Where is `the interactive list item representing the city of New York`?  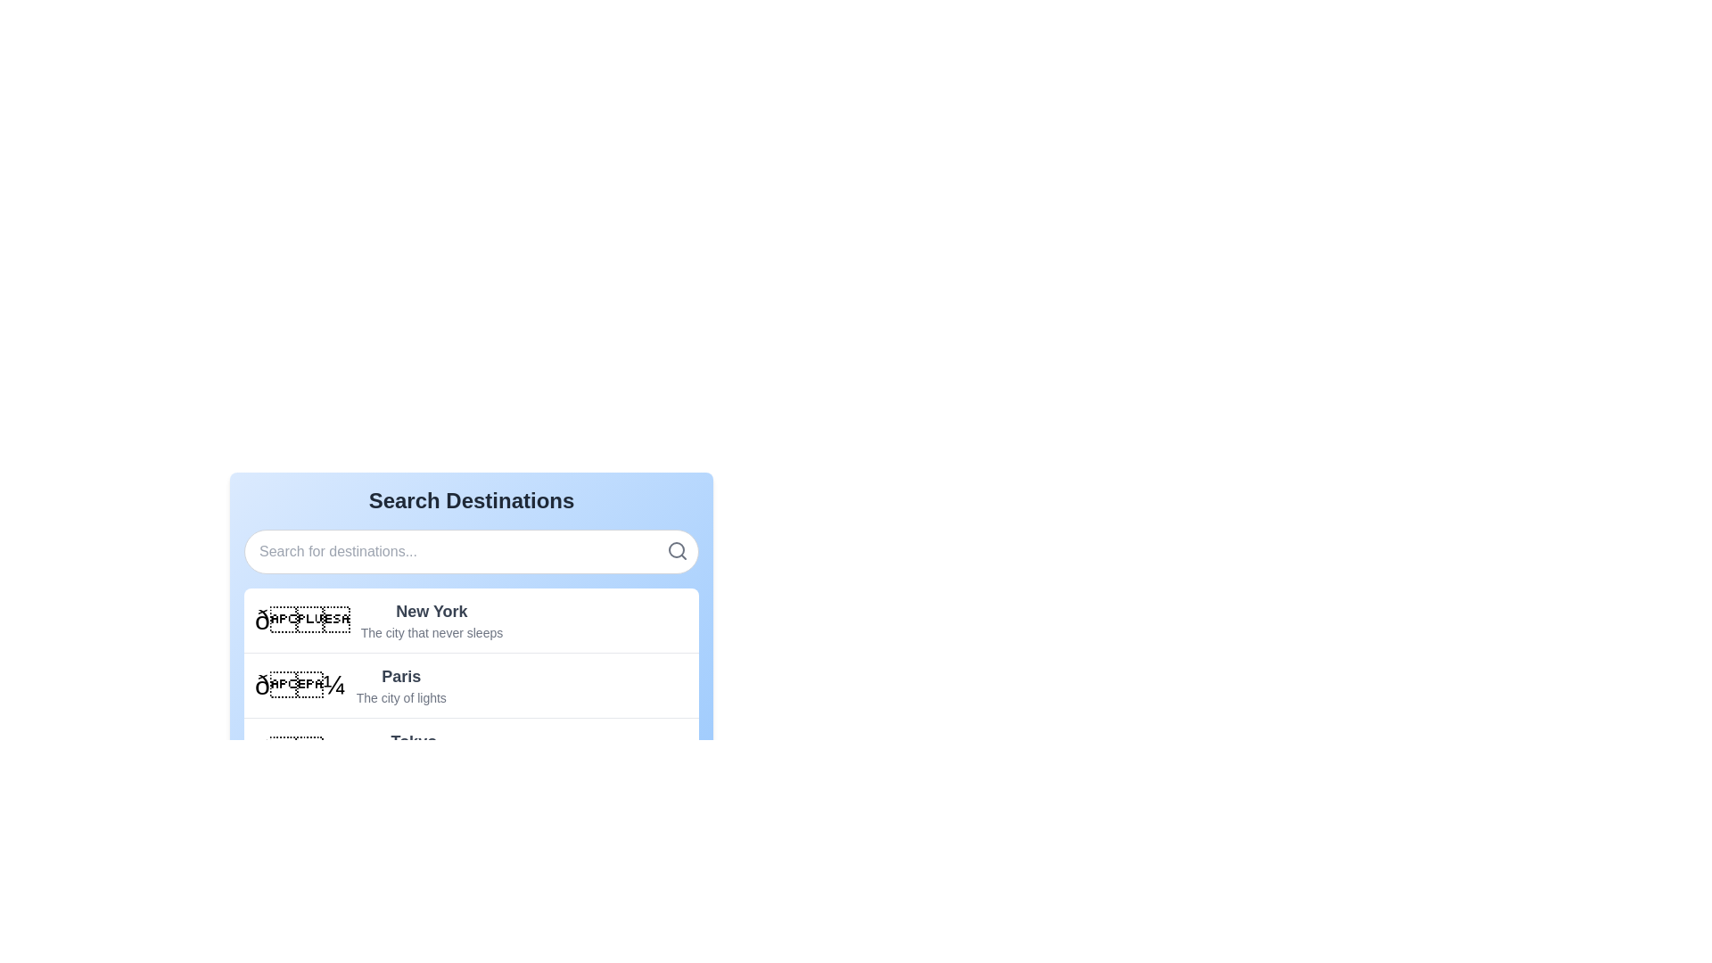
the interactive list item representing the city of New York is located at coordinates (471, 619).